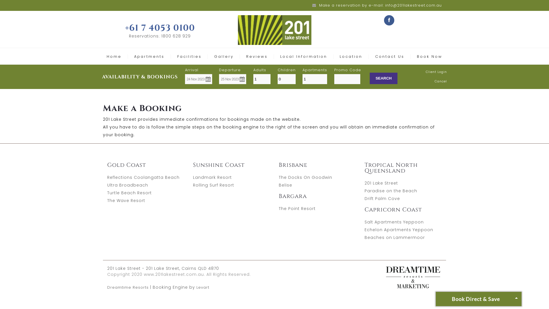 This screenshot has width=549, height=309. Describe the element at coordinates (391, 191) in the screenshot. I see `'Paradise on the Beach'` at that location.